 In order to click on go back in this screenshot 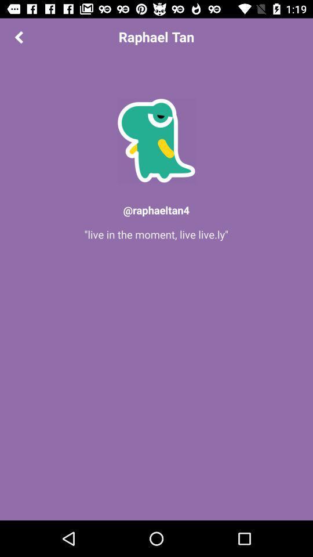, I will do `click(18, 37)`.